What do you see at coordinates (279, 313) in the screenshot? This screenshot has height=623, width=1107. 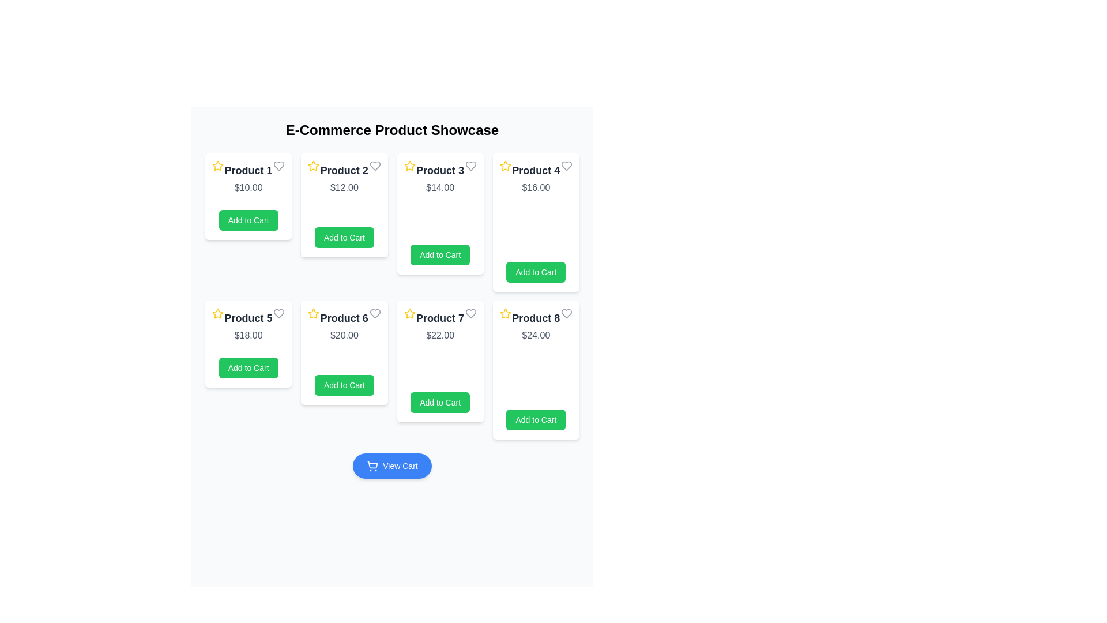 I see `the heart-shaped toggle button for 'Product 5'` at bounding box center [279, 313].